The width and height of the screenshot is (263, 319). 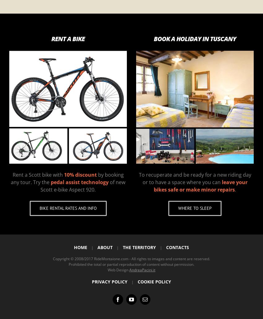 What do you see at coordinates (63, 174) in the screenshot?
I see `'10% discount'` at bounding box center [63, 174].